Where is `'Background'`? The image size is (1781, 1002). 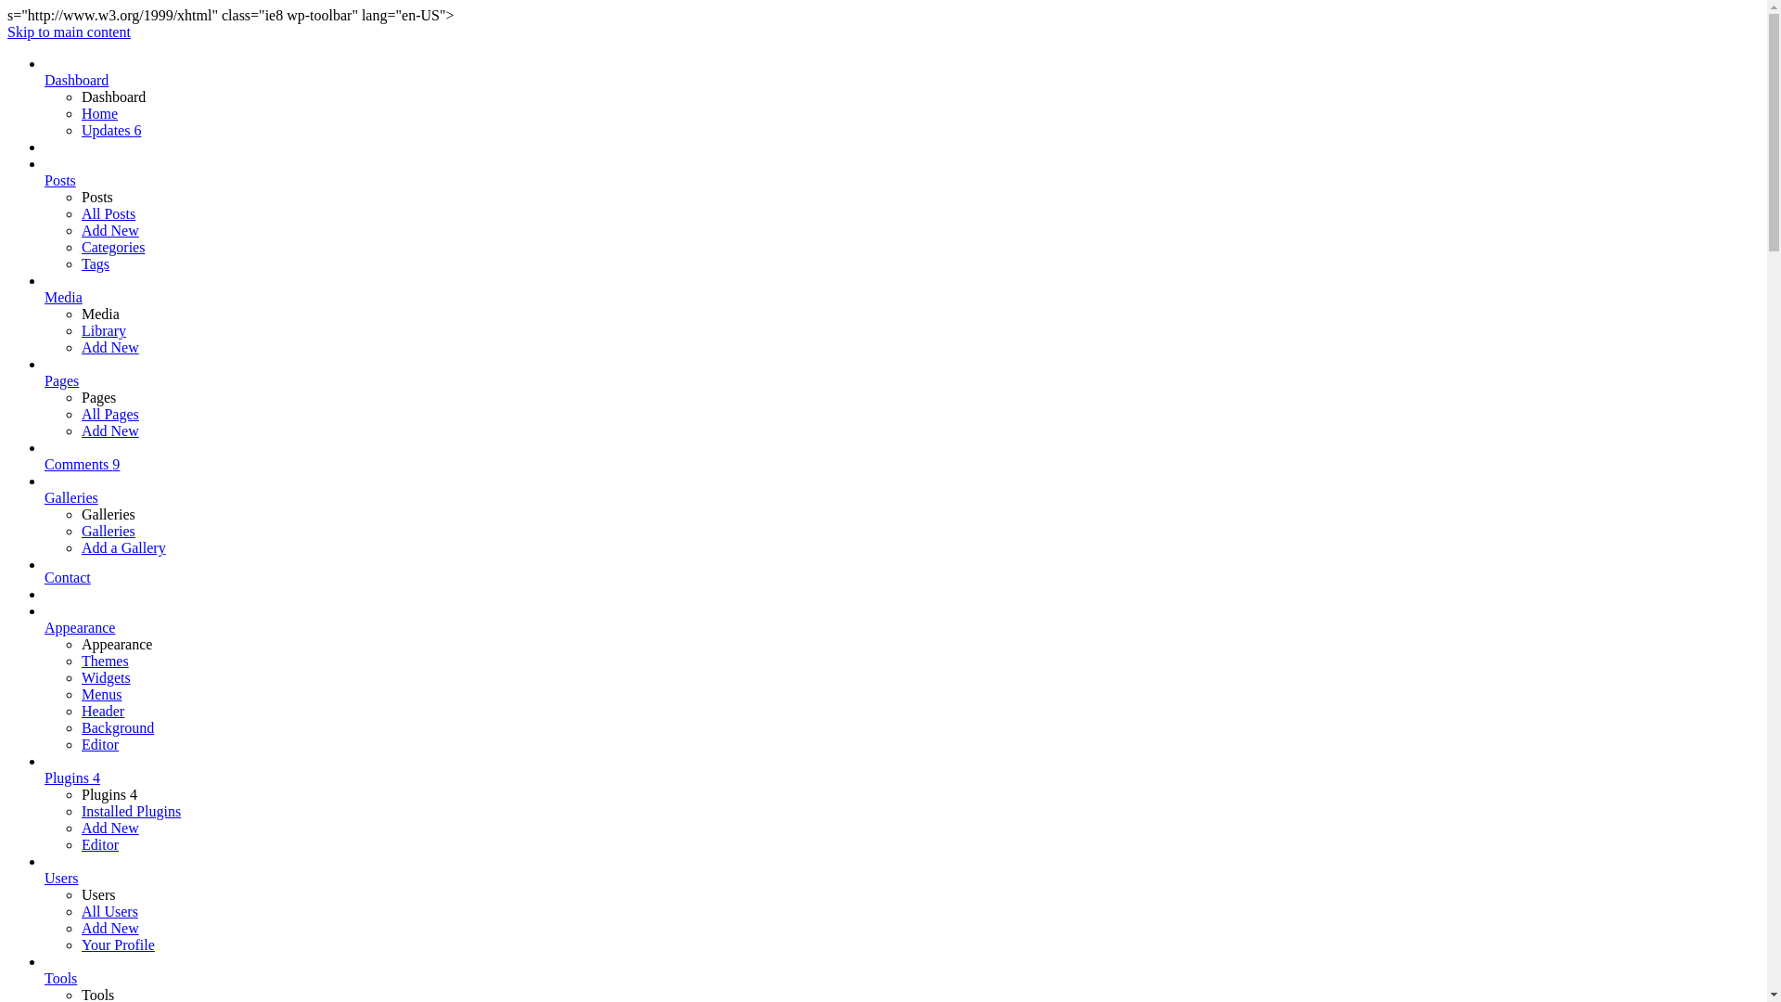
'Background' is located at coordinates (116, 726).